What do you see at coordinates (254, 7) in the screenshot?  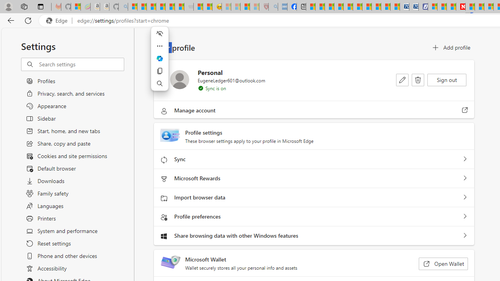 I see `'12 Popular Science Lies that Must be Corrected - Sleeping'` at bounding box center [254, 7].